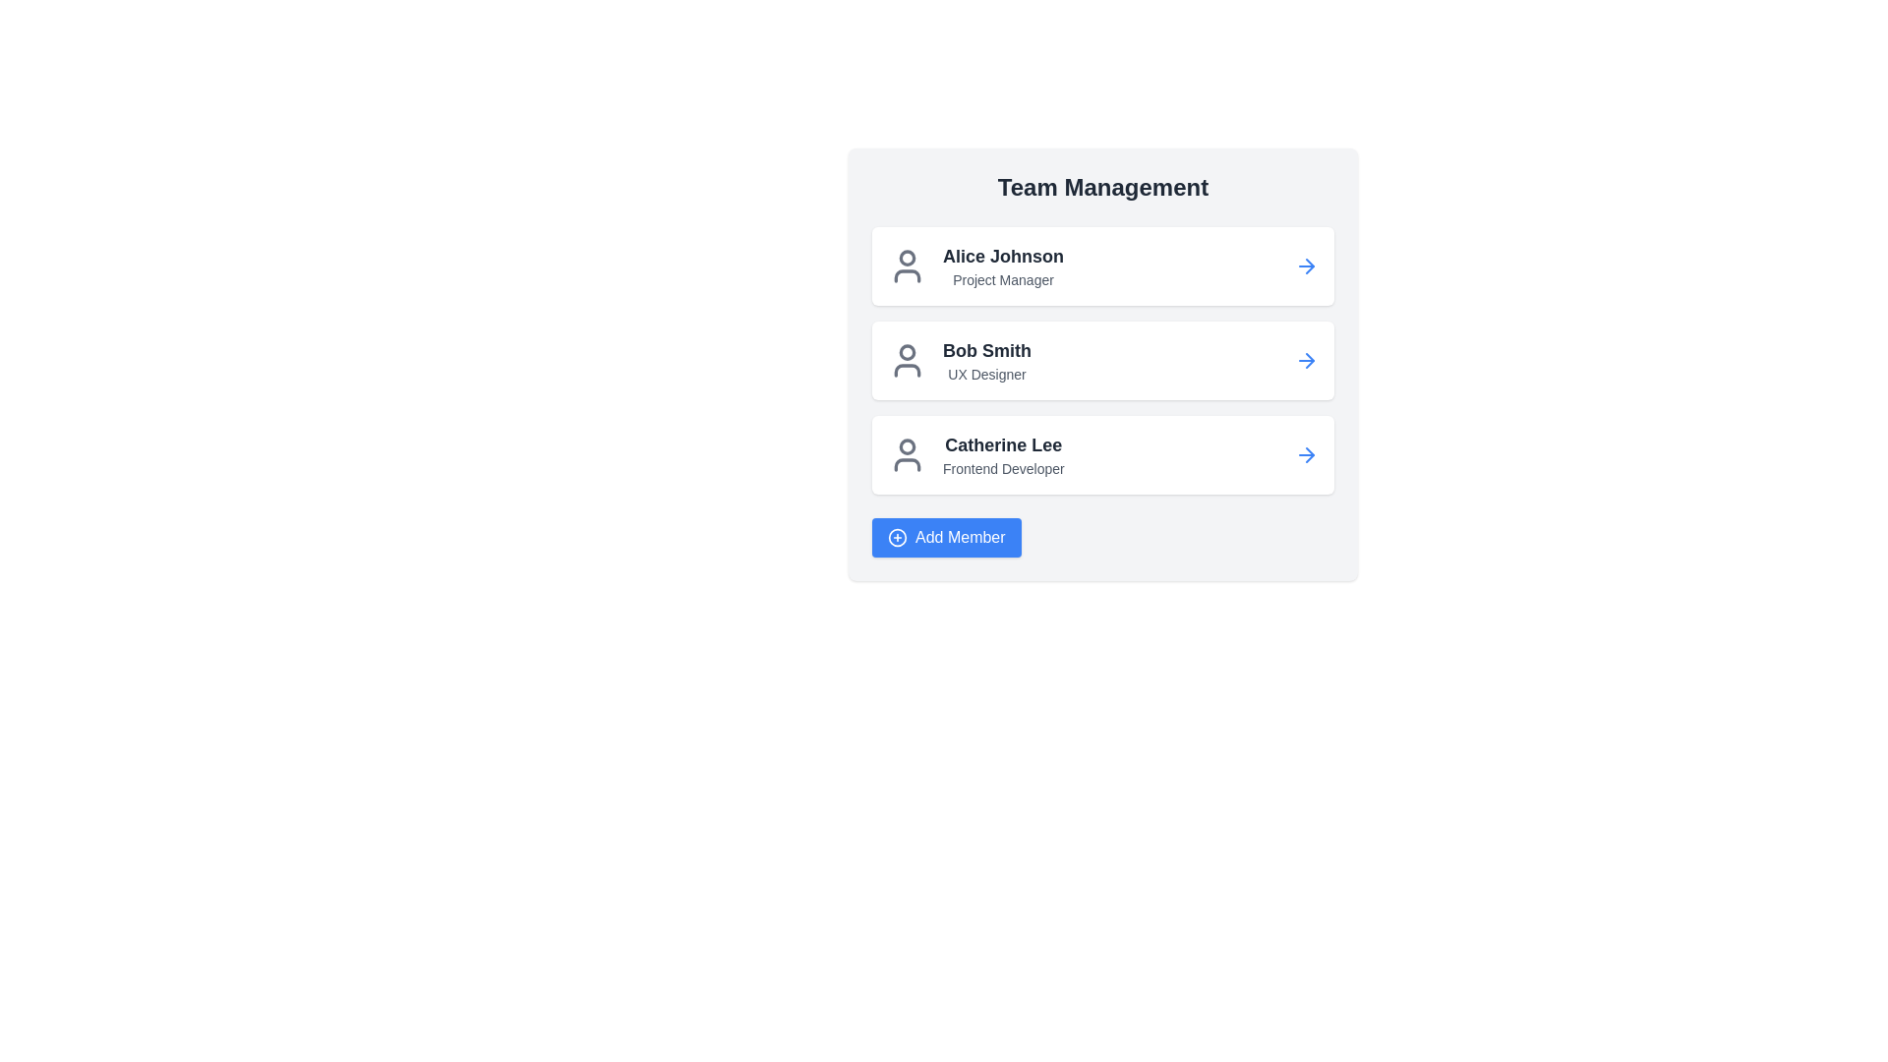 Image resolution: width=1888 pixels, height=1062 pixels. Describe the element at coordinates (896, 538) in the screenshot. I see `the decorative circle icon within the 'Add Member' button located below the team members list` at that location.